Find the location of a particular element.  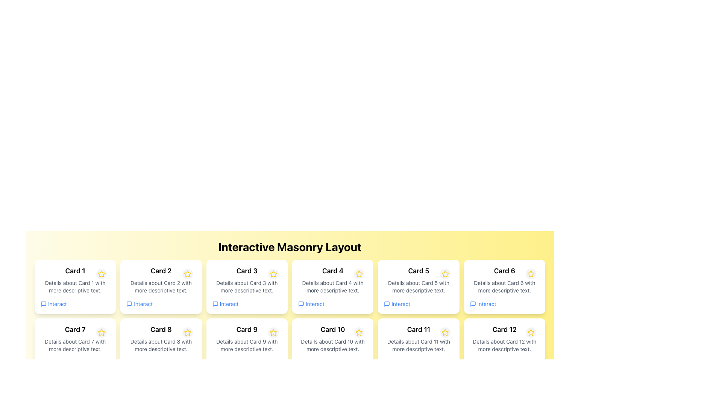

the star icon button located at the top-right corner of 'Card 1', next to the title is located at coordinates (101, 274).